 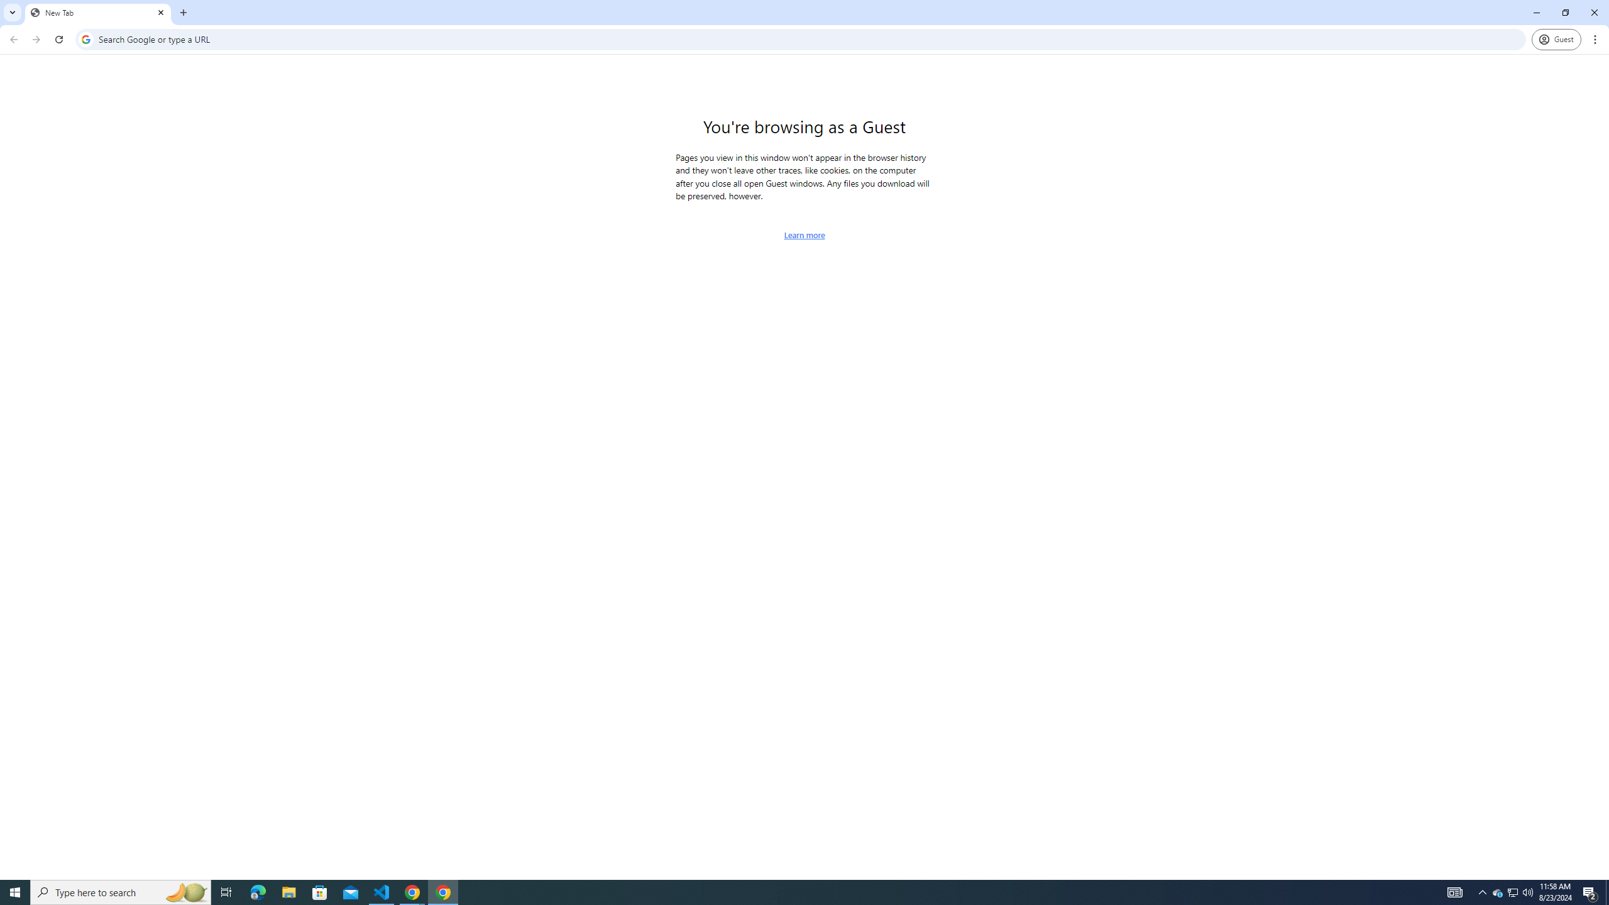 What do you see at coordinates (97, 12) in the screenshot?
I see `'New Tab'` at bounding box center [97, 12].